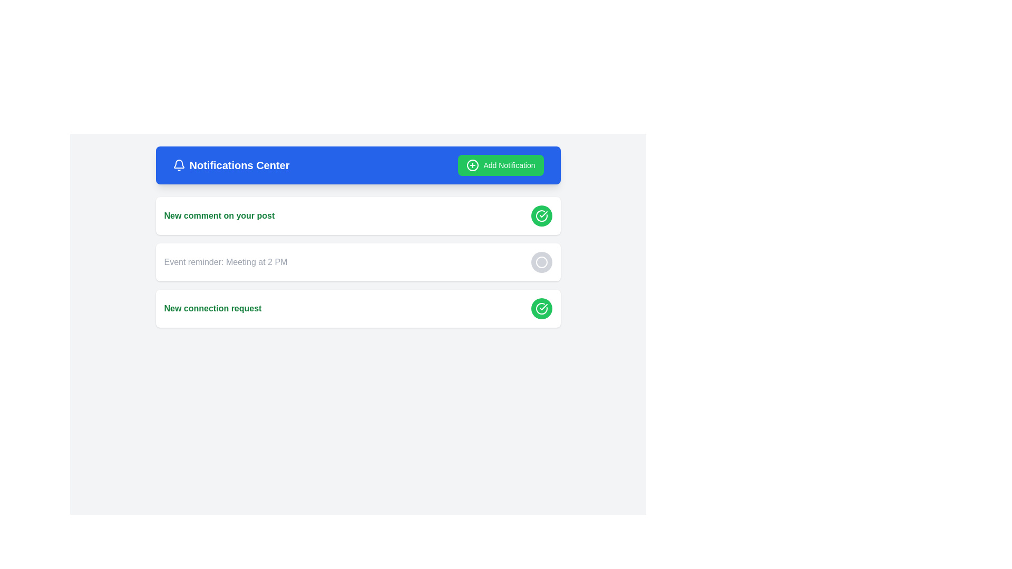  What do you see at coordinates (500, 165) in the screenshot?
I see `the 'Add Notification' button located on the right side of the blue header bar labeled 'Notifications Center'` at bounding box center [500, 165].